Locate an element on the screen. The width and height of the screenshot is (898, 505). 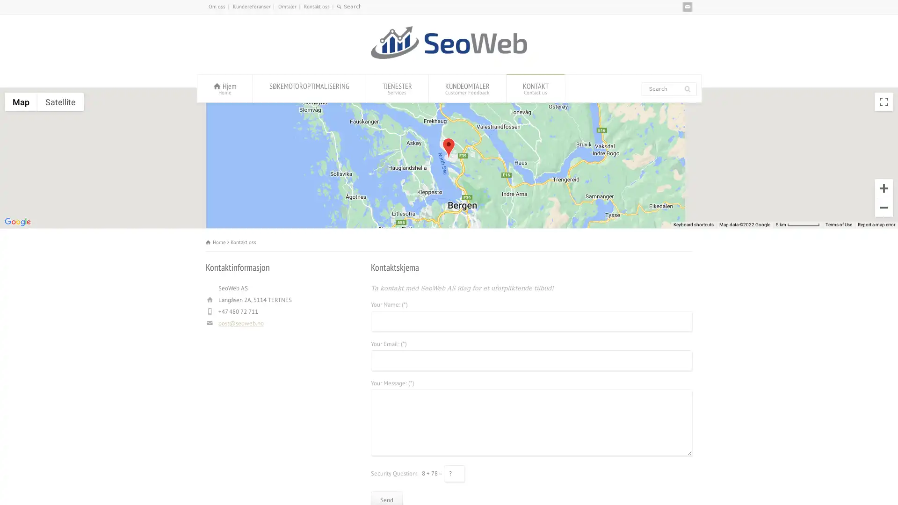
Zoom out is located at coordinates (884, 207).